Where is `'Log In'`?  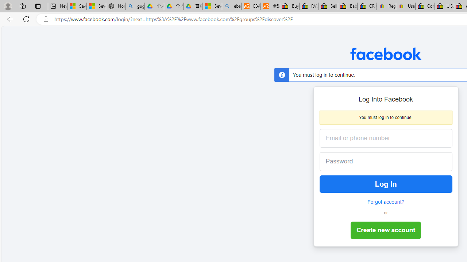
'Log In' is located at coordinates (385, 184).